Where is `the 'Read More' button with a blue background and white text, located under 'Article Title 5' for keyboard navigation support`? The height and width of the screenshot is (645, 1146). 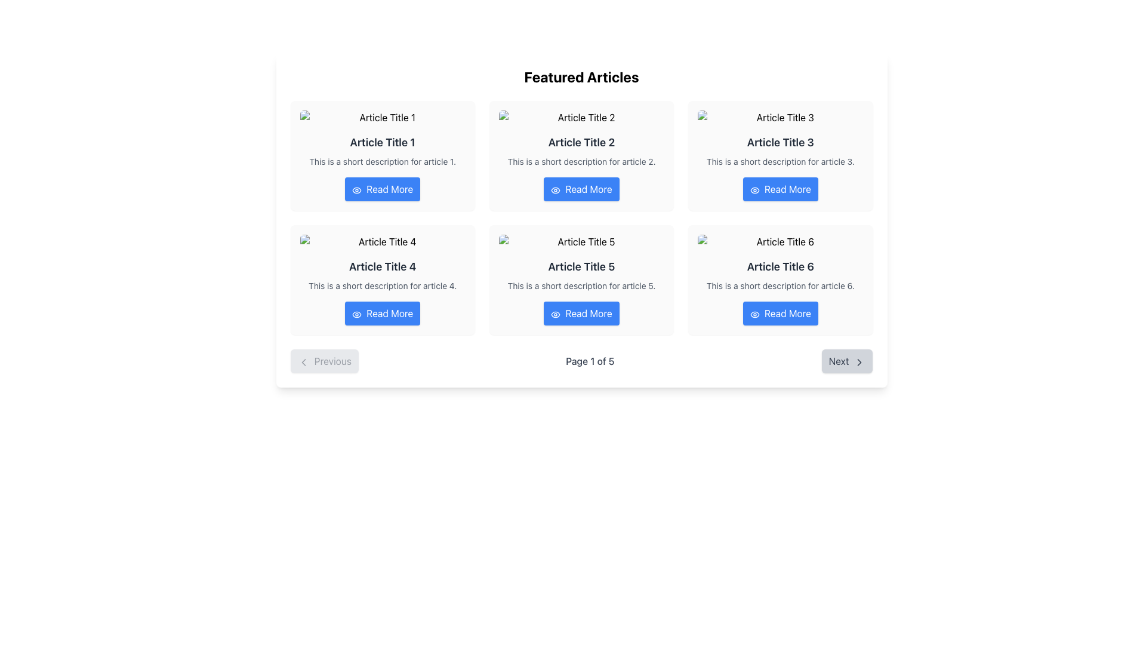
the 'Read More' button with a blue background and white text, located under 'Article Title 5' for keyboard navigation support is located at coordinates (581, 312).